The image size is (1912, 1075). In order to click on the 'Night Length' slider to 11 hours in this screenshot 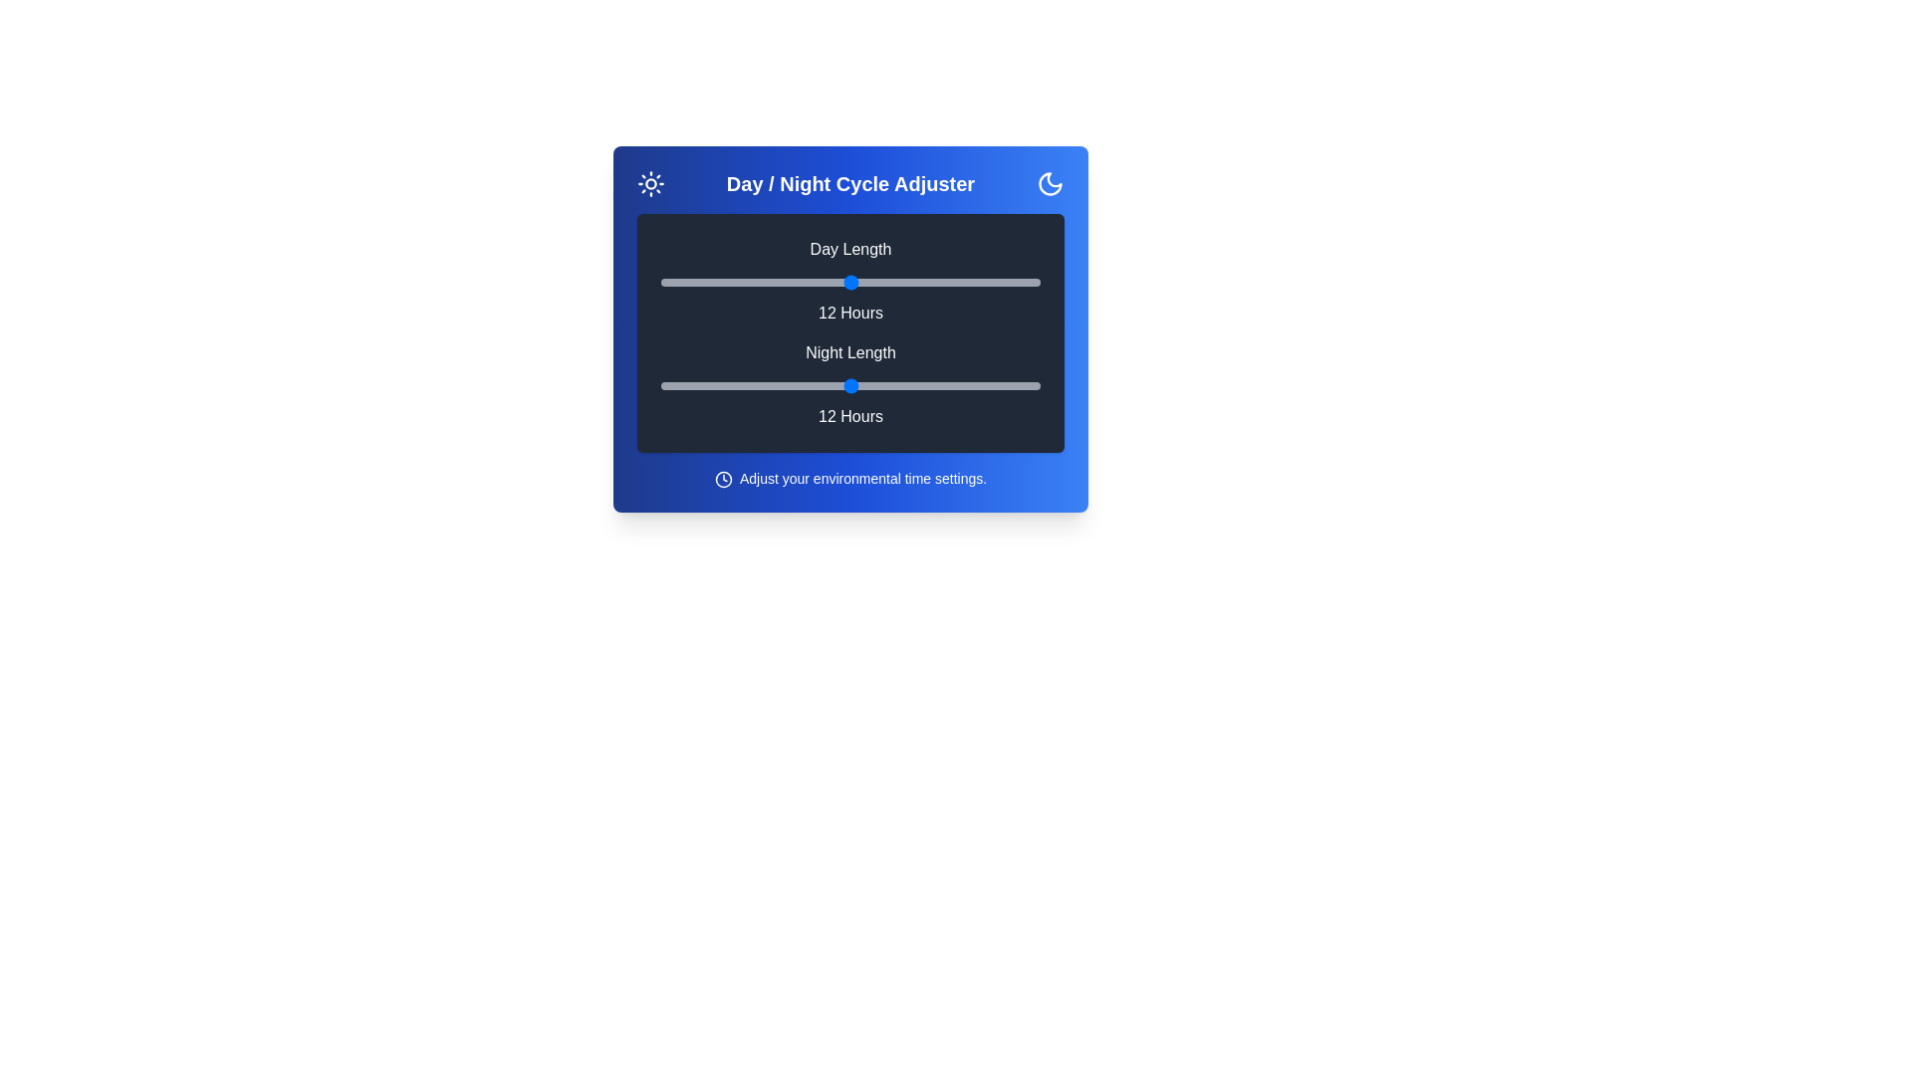, I will do `click(819, 386)`.